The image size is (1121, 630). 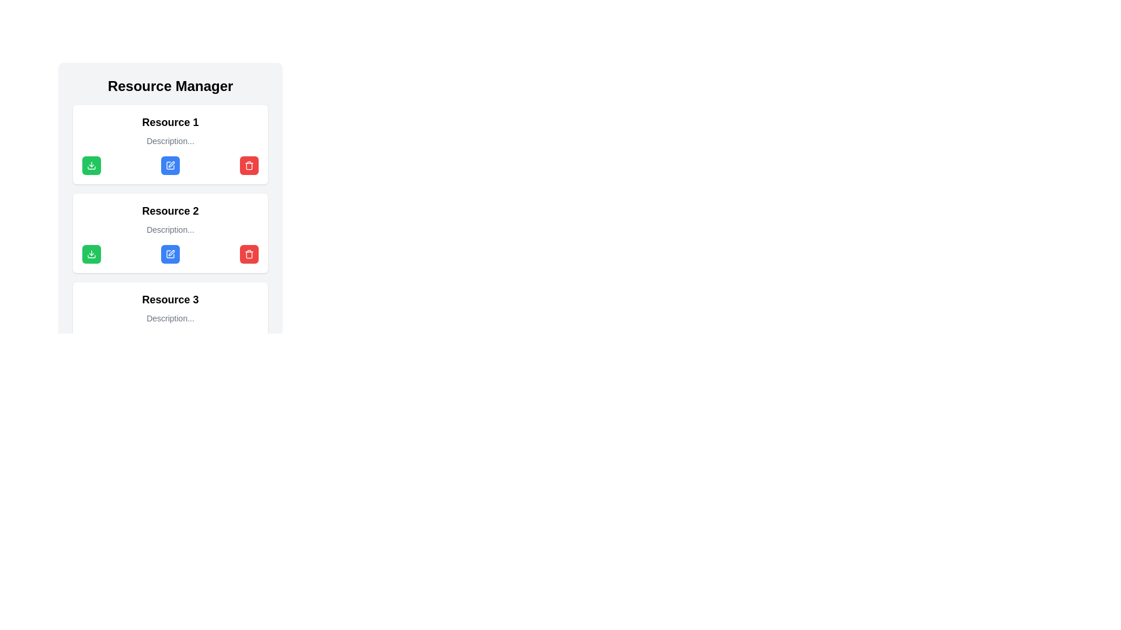 I want to click on the download button, which is the leftmost action button, so click(x=91, y=166).